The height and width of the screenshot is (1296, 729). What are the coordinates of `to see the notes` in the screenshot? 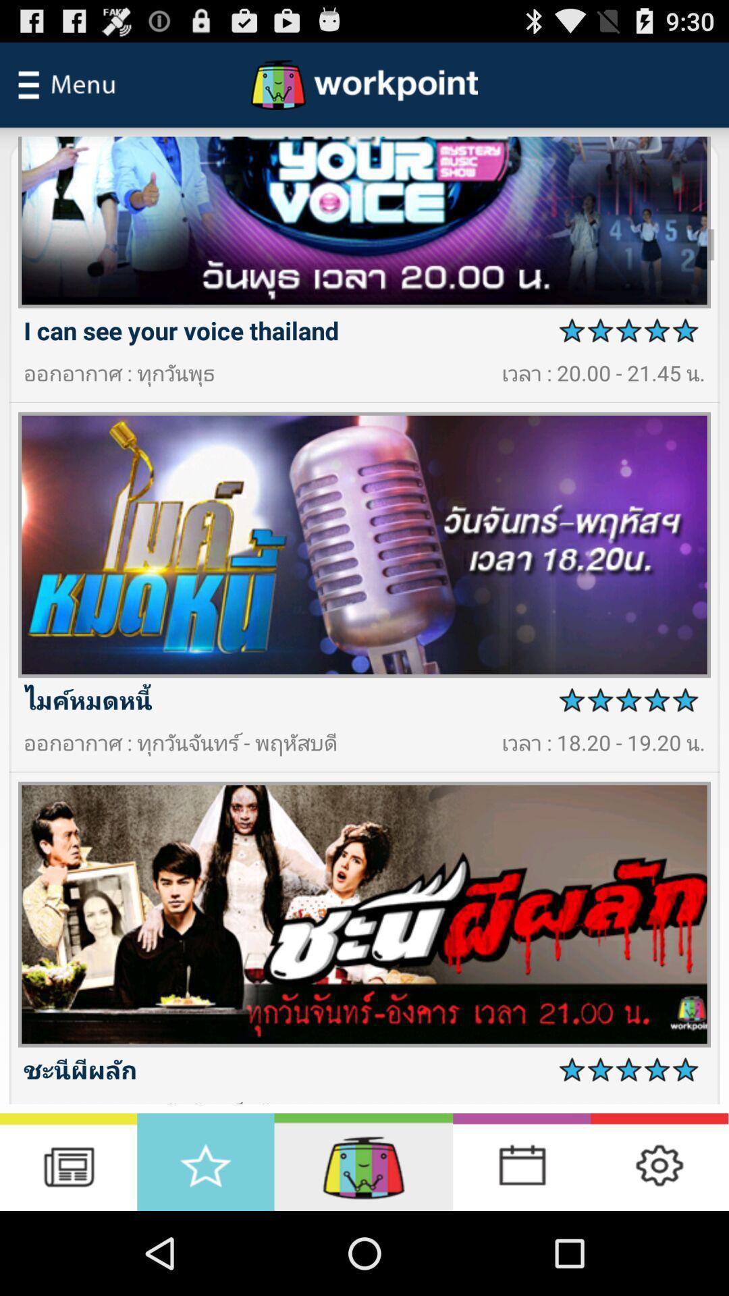 It's located at (68, 1161).